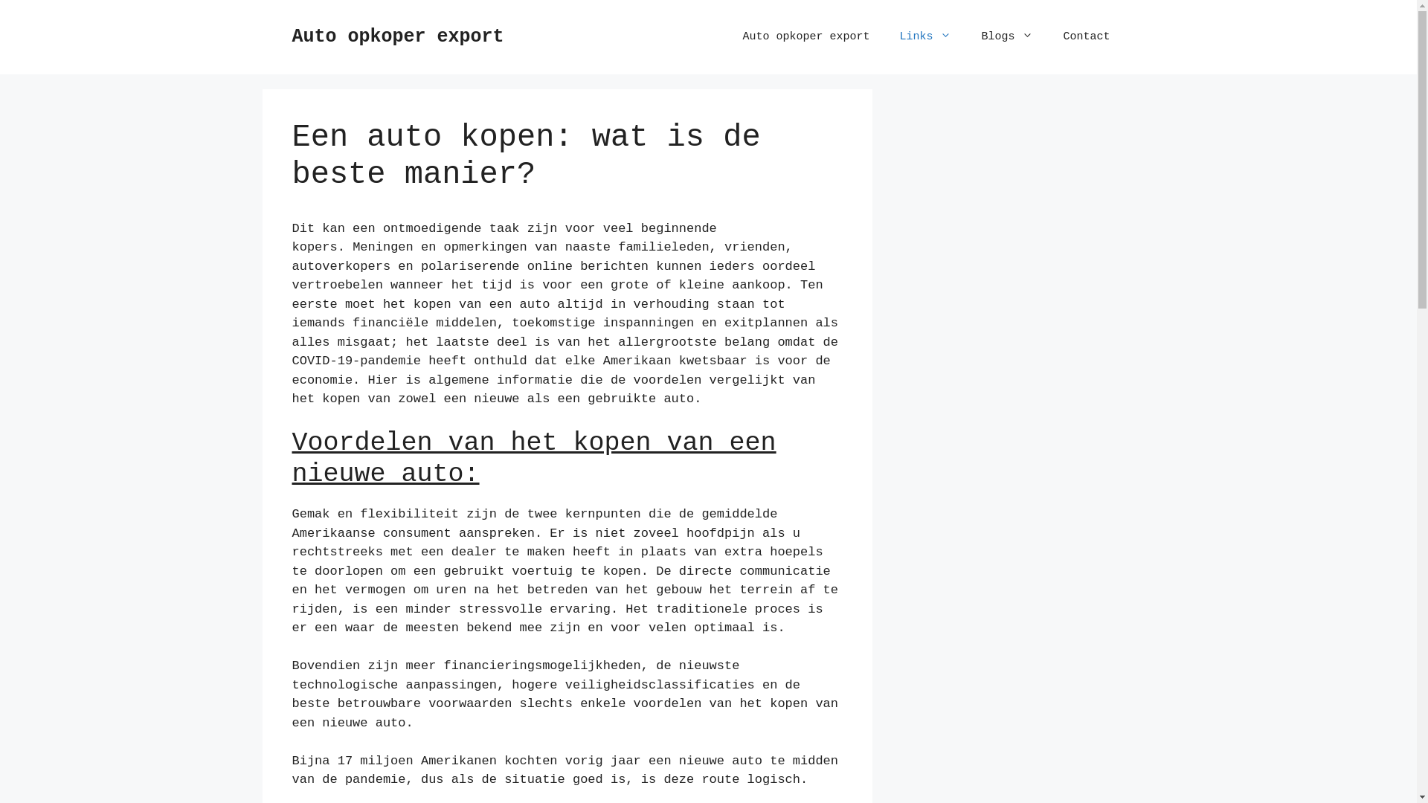 The height and width of the screenshot is (803, 1428). I want to click on 'Auto opkoper export', so click(805, 36).